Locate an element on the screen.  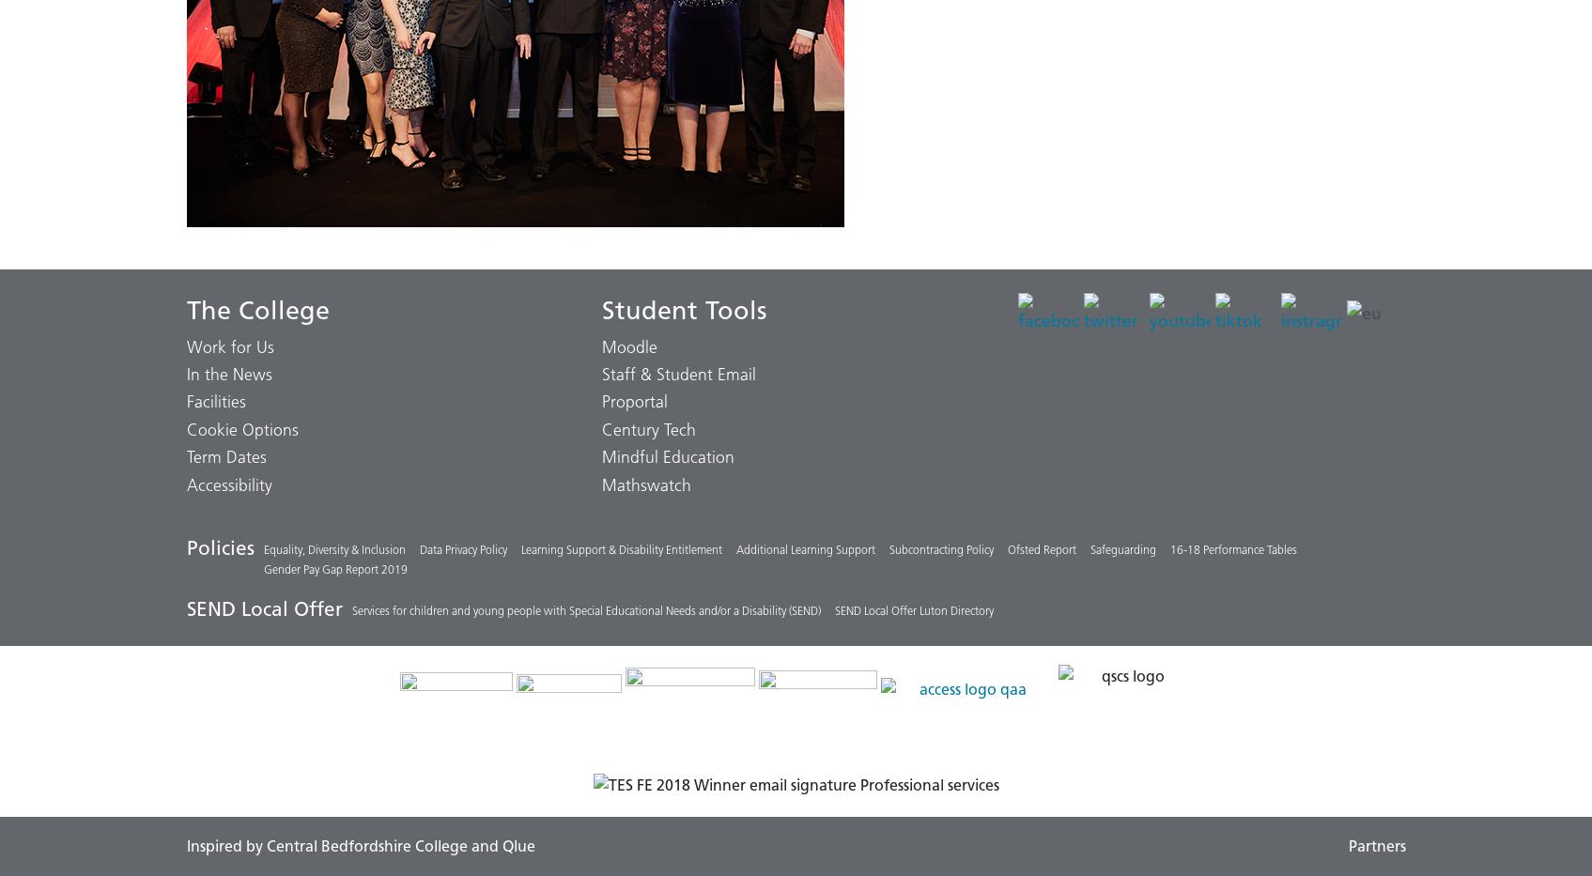
'Partners' is located at coordinates (1346, 846).